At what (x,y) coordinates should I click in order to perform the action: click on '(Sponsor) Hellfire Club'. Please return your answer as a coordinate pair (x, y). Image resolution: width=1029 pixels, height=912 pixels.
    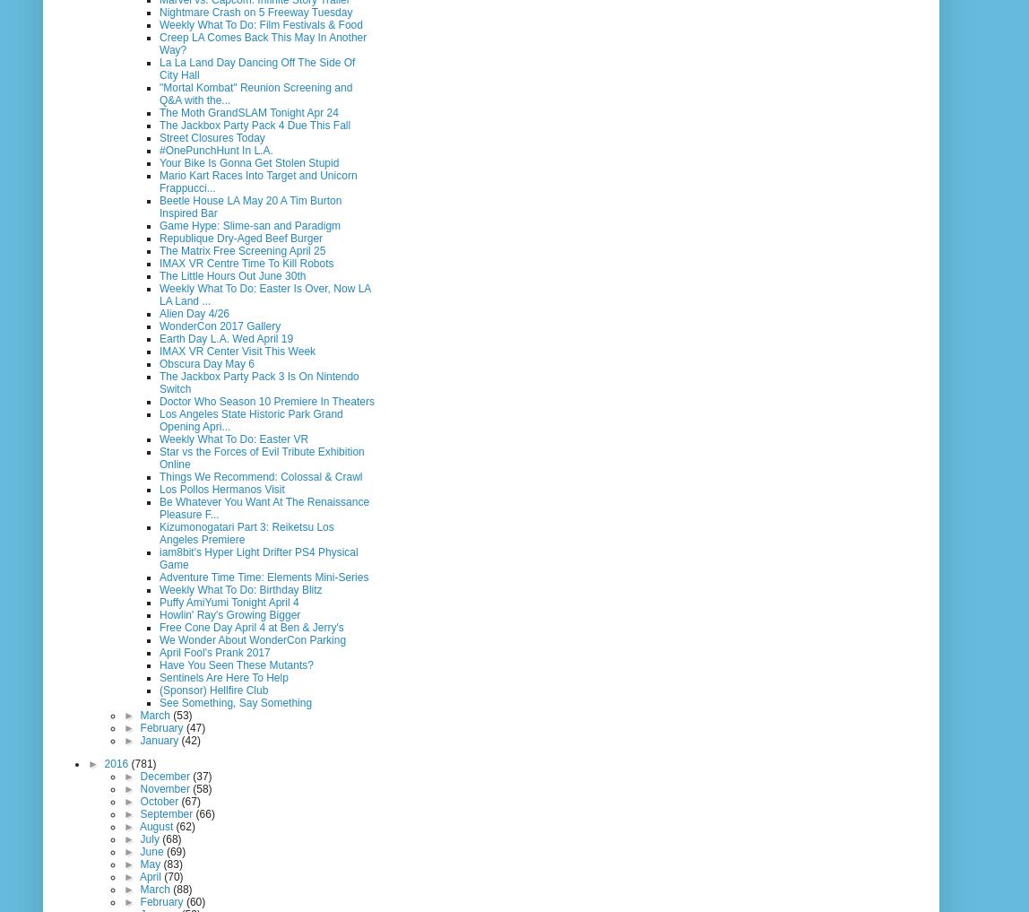
    Looking at the image, I should click on (213, 689).